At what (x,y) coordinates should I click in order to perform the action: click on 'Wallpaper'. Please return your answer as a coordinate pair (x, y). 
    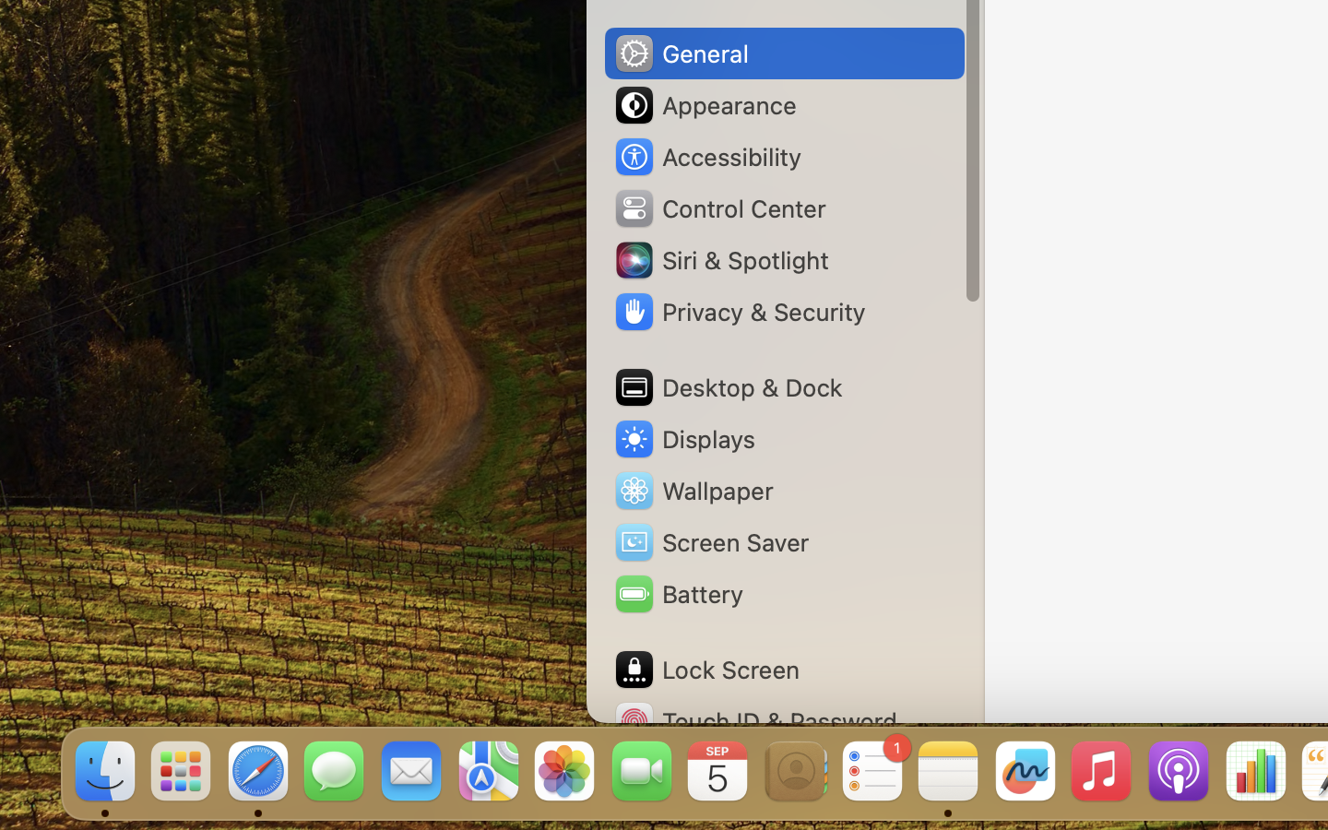
    Looking at the image, I should click on (691, 489).